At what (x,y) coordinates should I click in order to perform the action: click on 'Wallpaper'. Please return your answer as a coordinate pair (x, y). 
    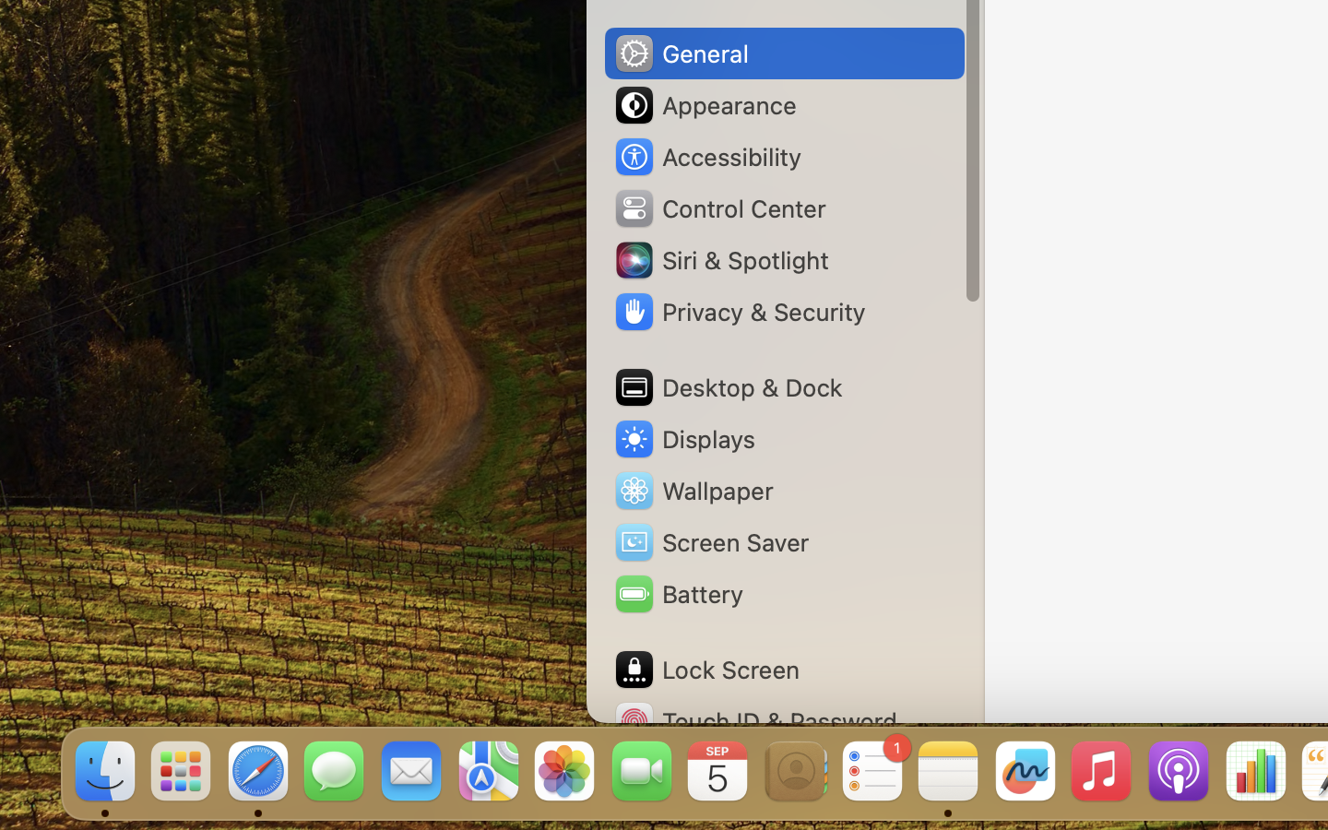
    Looking at the image, I should click on (691, 489).